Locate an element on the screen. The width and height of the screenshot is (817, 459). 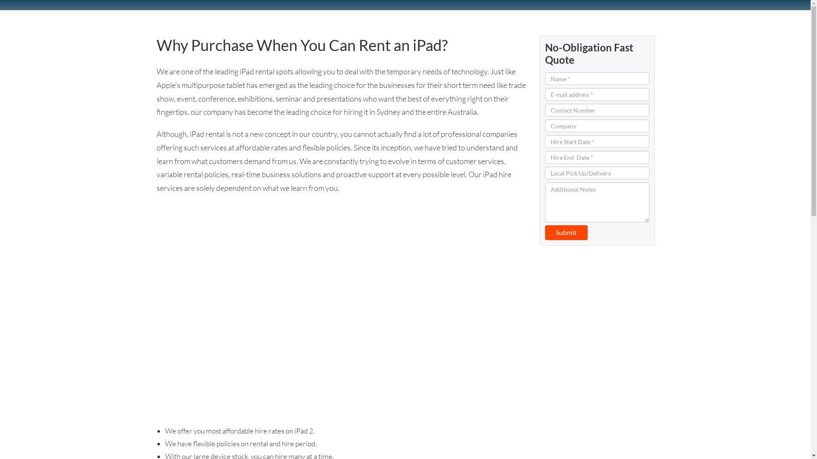
'Submit' is located at coordinates (545, 232).